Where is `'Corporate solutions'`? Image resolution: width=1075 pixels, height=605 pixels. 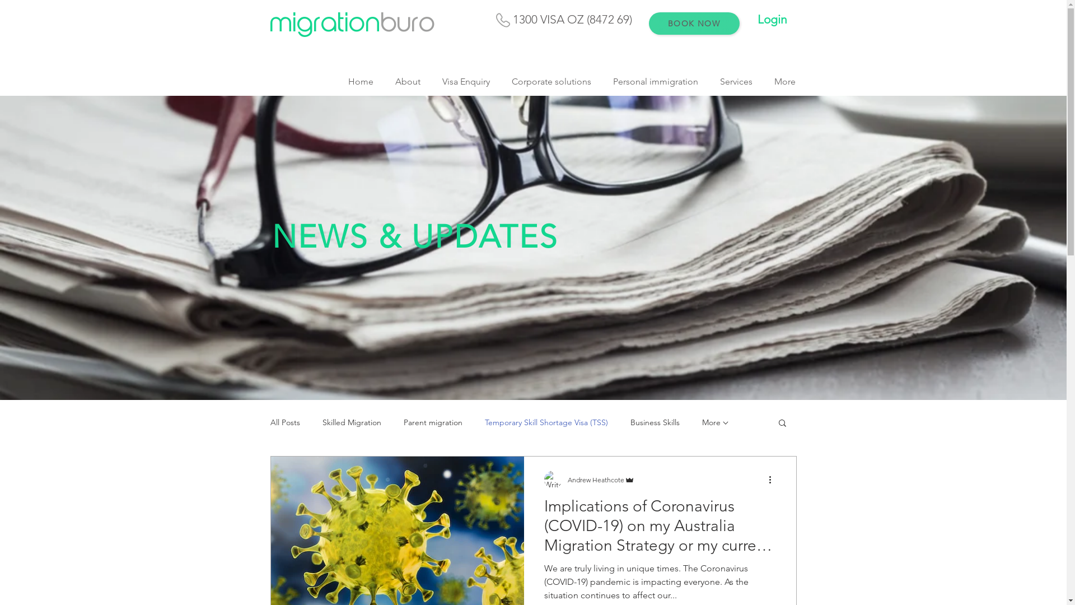
'Corporate solutions' is located at coordinates (551, 81).